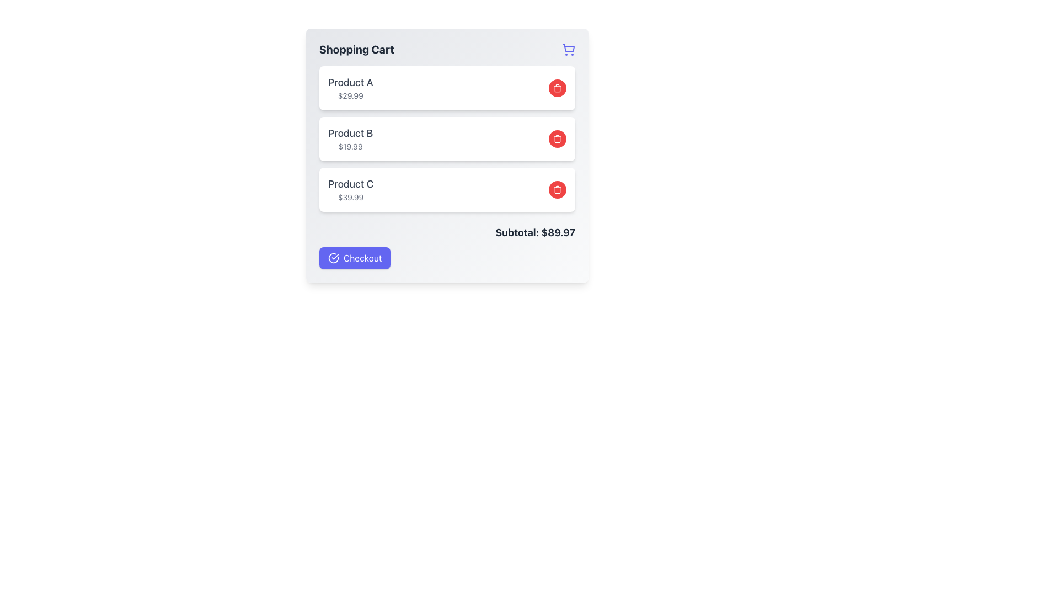 Image resolution: width=1059 pixels, height=596 pixels. Describe the element at coordinates (350, 133) in the screenshot. I see `the static text label displaying 'Product B' in the shopping cart's item list, located above the price tag '$19.99'` at that location.